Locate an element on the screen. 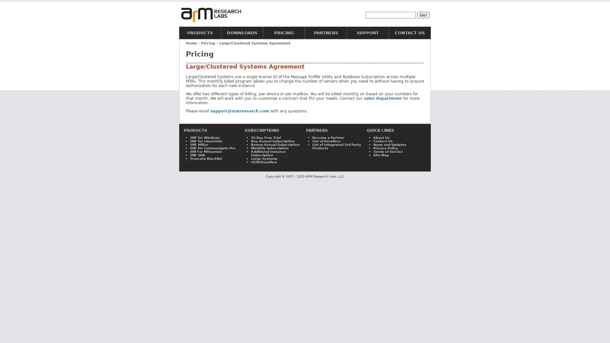 This screenshot has height=343, width=610. Go! is located at coordinates (423, 14).